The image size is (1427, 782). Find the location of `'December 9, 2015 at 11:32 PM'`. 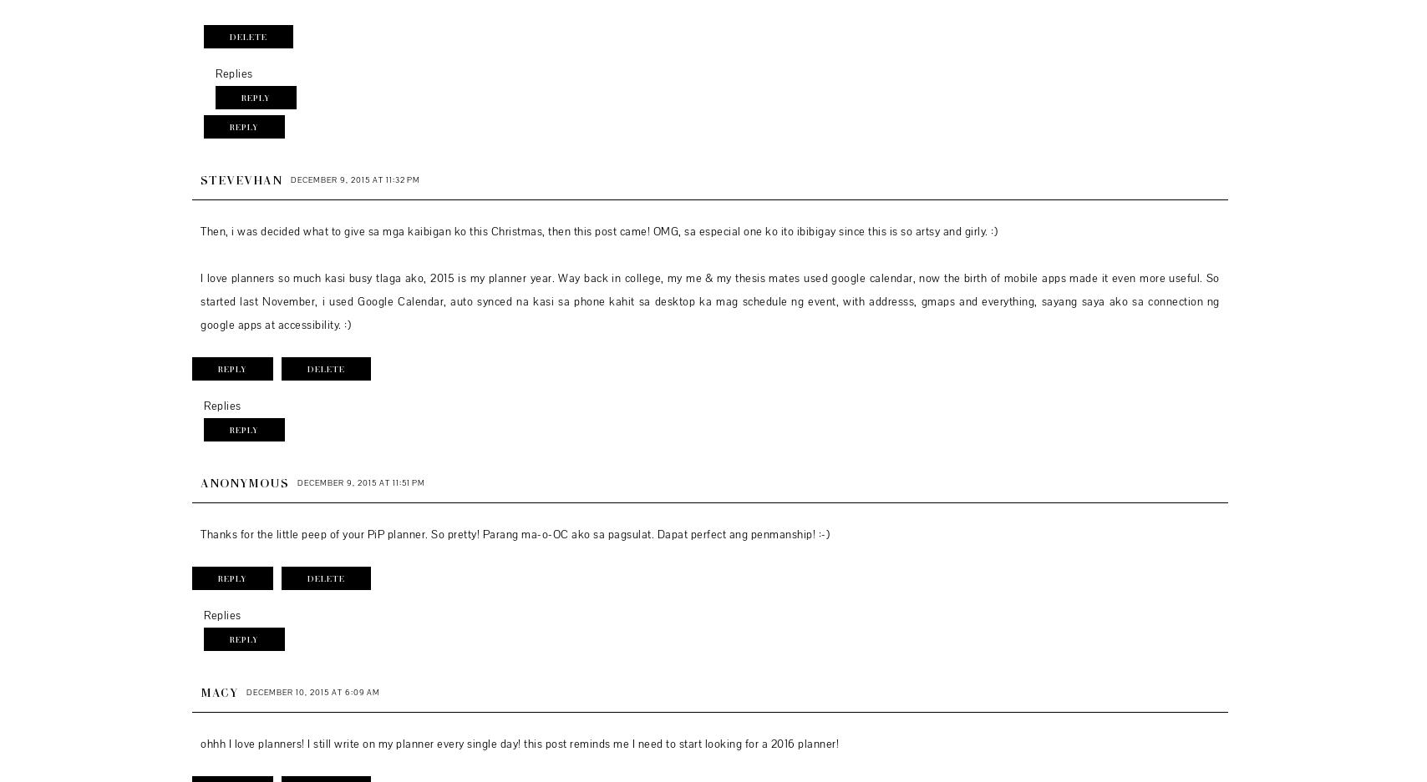

'December 9, 2015 at 11:32 PM' is located at coordinates (355, 179).